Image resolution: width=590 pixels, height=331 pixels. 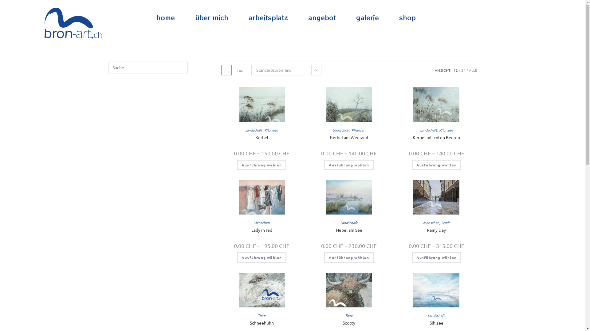 I want to click on 'ALLE', so click(x=473, y=70).